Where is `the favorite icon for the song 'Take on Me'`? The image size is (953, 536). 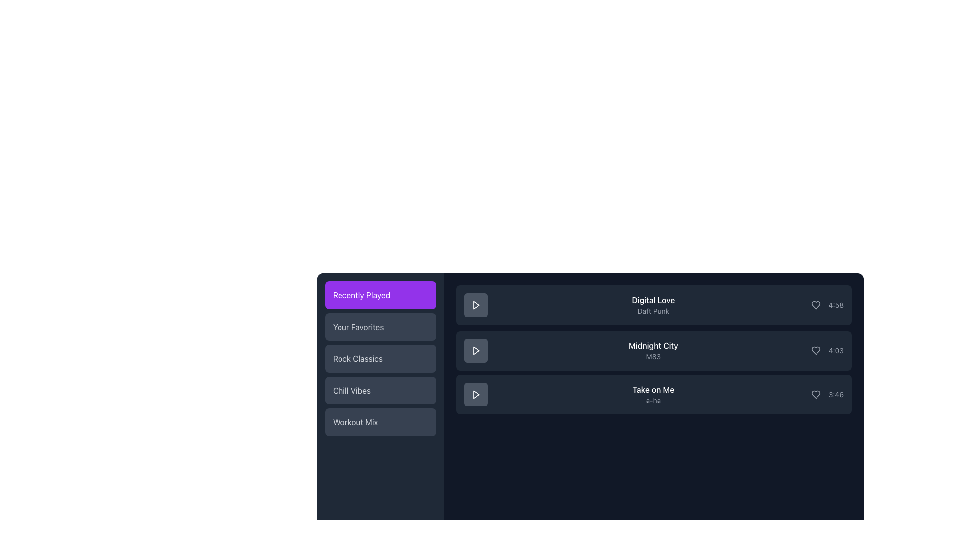 the favorite icon for the song 'Take on Me' is located at coordinates (816, 394).